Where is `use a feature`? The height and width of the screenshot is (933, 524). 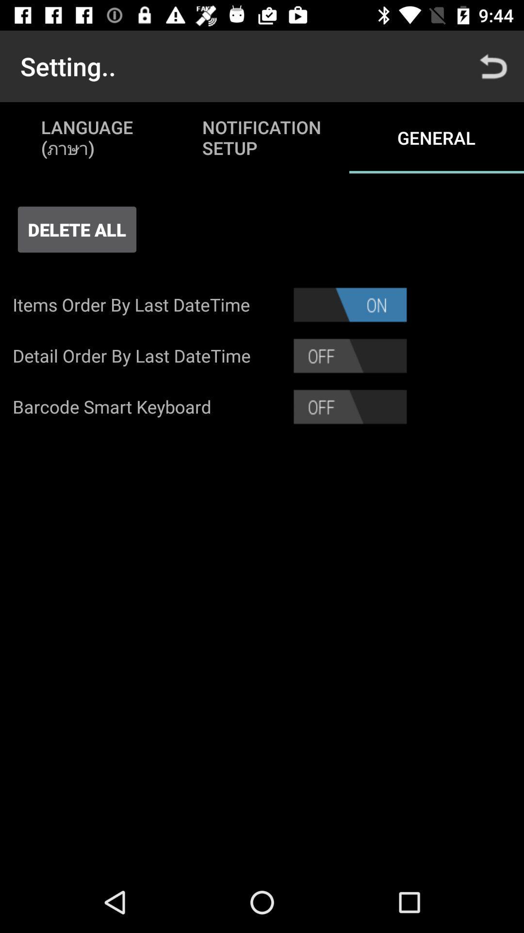
use a feature is located at coordinates (350, 355).